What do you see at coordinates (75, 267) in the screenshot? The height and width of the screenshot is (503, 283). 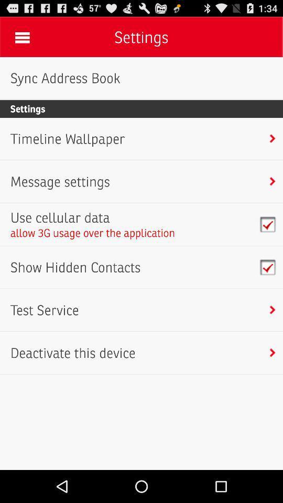 I see `the show hidden contacts item` at bounding box center [75, 267].